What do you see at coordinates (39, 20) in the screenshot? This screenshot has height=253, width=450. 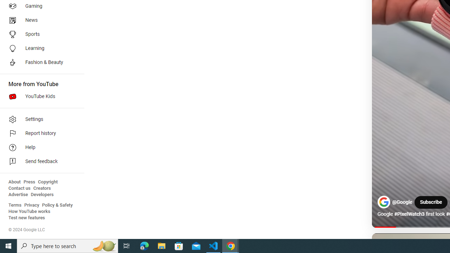 I see `'News'` at bounding box center [39, 20].